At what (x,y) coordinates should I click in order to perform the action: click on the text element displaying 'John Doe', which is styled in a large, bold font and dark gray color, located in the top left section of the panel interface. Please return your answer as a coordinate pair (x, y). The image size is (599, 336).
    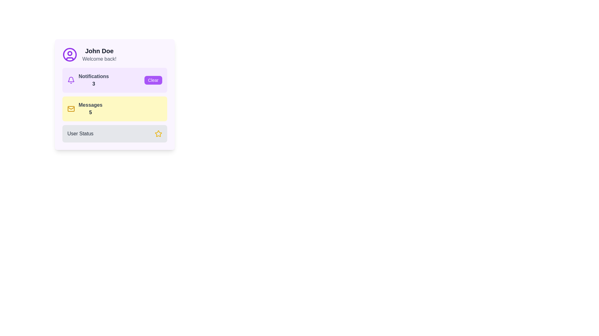
    Looking at the image, I should click on (99, 51).